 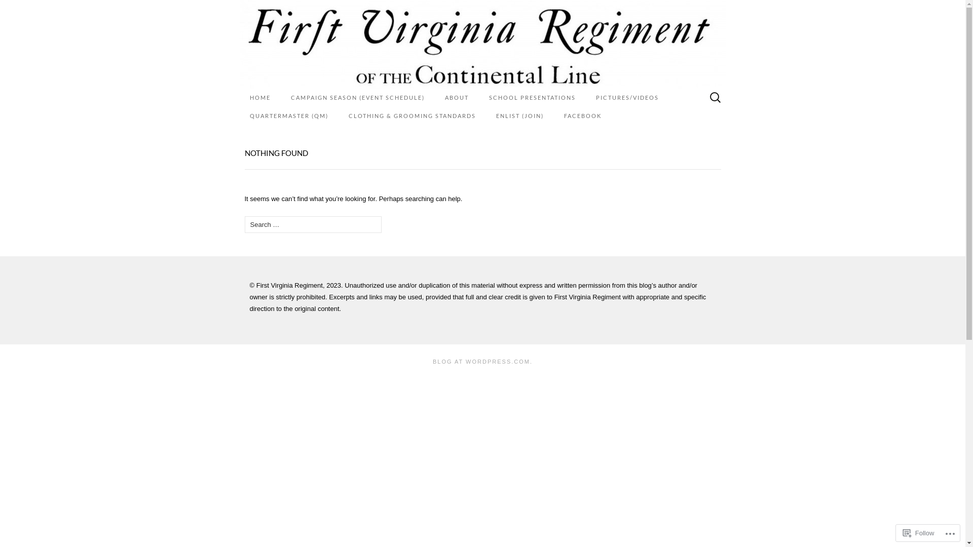 What do you see at coordinates (412, 115) in the screenshot?
I see `'CLOTHING & GROOMING STANDARDS'` at bounding box center [412, 115].